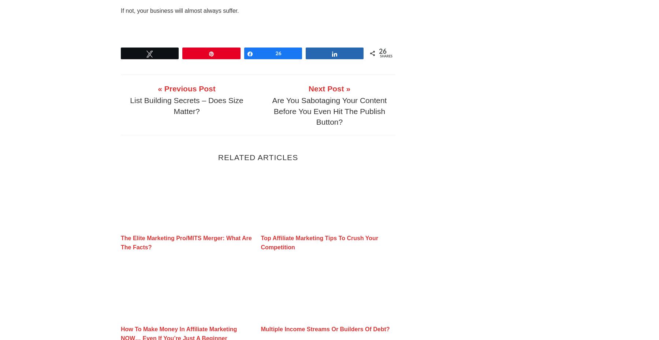 The width and height of the screenshot is (659, 340). What do you see at coordinates (186, 242) in the screenshot?
I see `'The Elite Marketing Pro/MITS Merger:  What Are The Facts?'` at bounding box center [186, 242].